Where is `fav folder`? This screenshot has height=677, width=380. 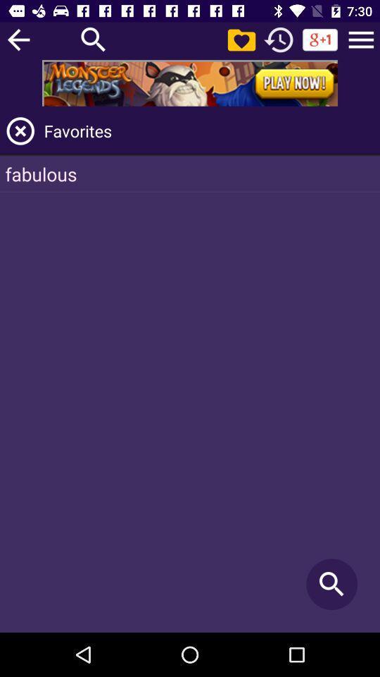 fav folder is located at coordinates (241, 39).